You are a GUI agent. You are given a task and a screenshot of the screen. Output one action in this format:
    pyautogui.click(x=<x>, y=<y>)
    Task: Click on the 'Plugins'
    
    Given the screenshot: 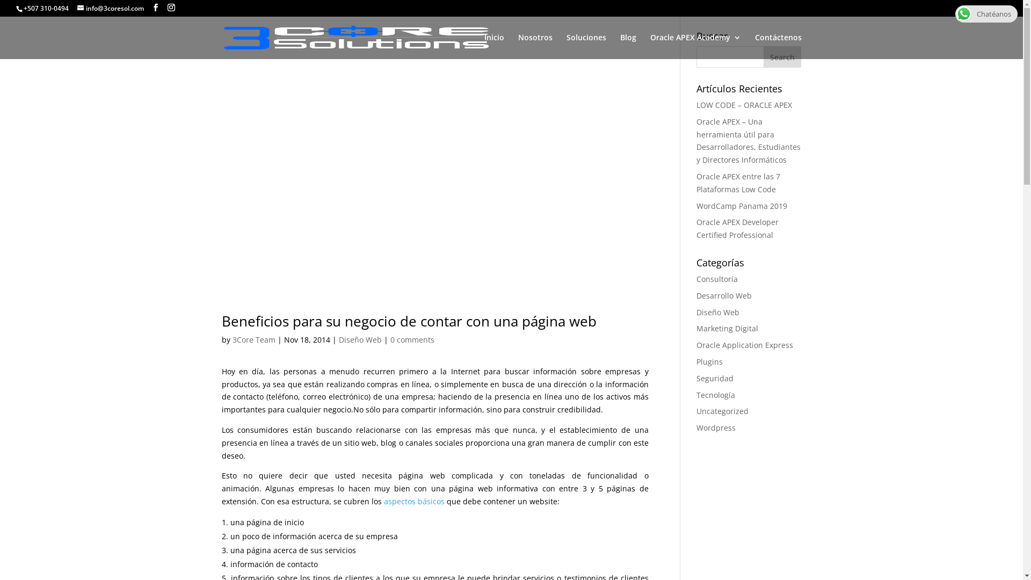 What is the action you would take?
    pyautogui.click(x=709, y=361)
    